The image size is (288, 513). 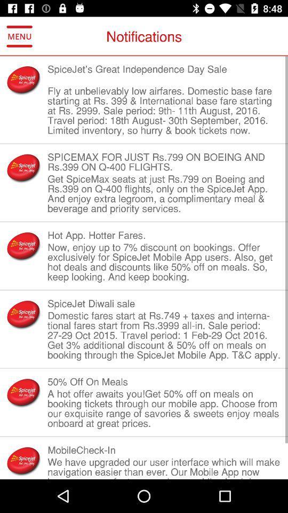 What do you see at coordinates (23, 392) in the screenshot?
I see `the item to the left of the 50 off on icon` at bounding box center [23, 392].